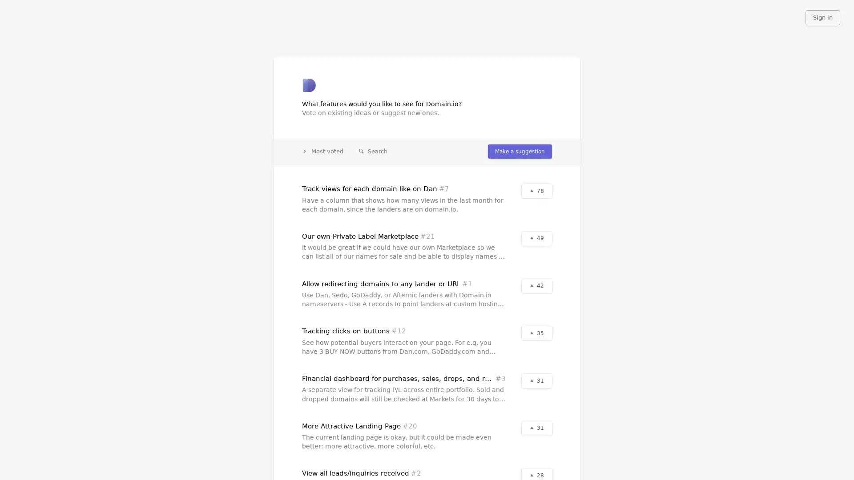 The height and width of the screenshot is (480, 854). What do you see at coordinates (536, 380) in the screenshot?
I see `31` at bounding box center [536, 380].